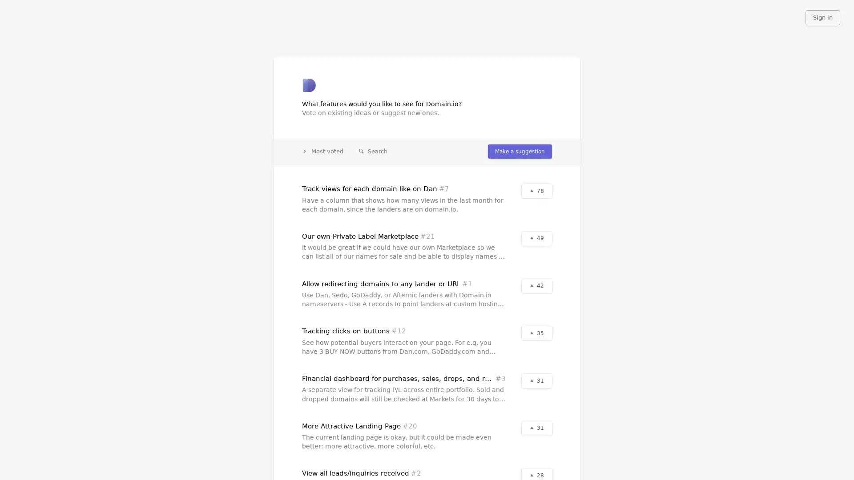 The height and width of the screenshot is (480, 854). What do you see at coordinates (536, 380) in the screenshot?
I see `31` at bounding box center [536, 380].